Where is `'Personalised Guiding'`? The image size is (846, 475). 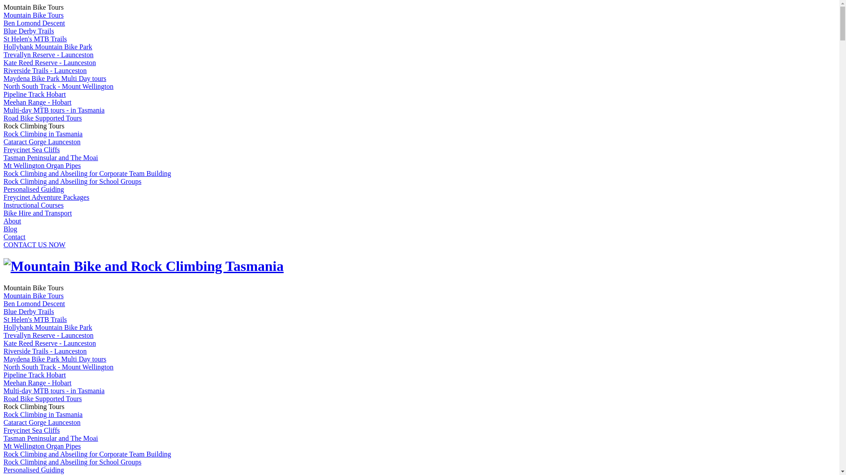 'Personalised Guiding' is located at coordinates (33, 469).